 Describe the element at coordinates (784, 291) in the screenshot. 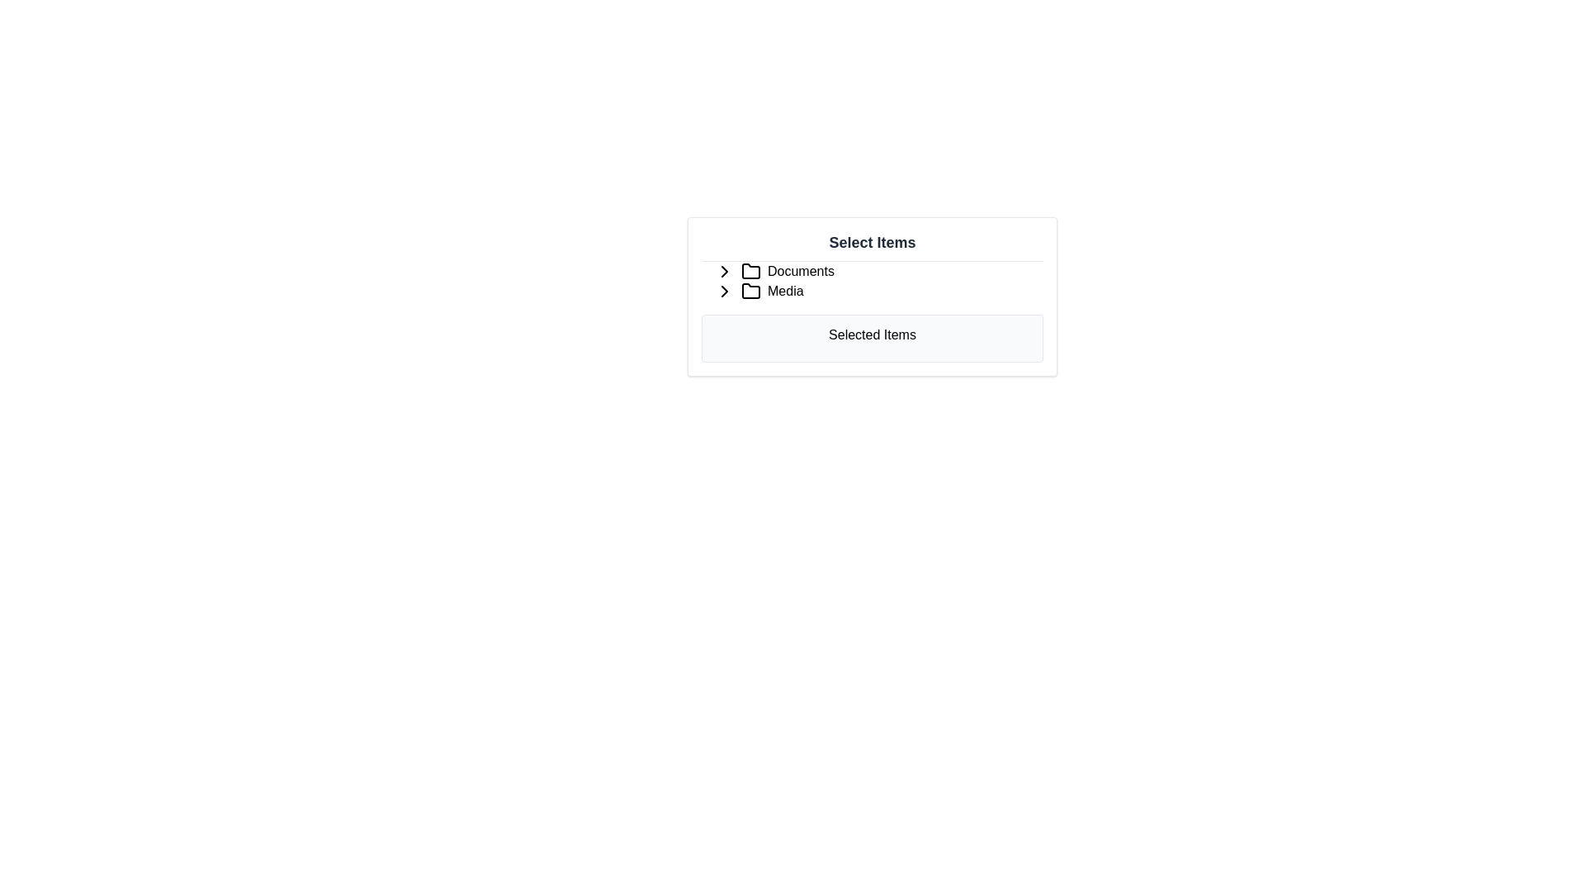

I see `text of the selectable 'Media' category label located in the second row of the 'Select Items' menu, positioned below 'Documents'` at that location.